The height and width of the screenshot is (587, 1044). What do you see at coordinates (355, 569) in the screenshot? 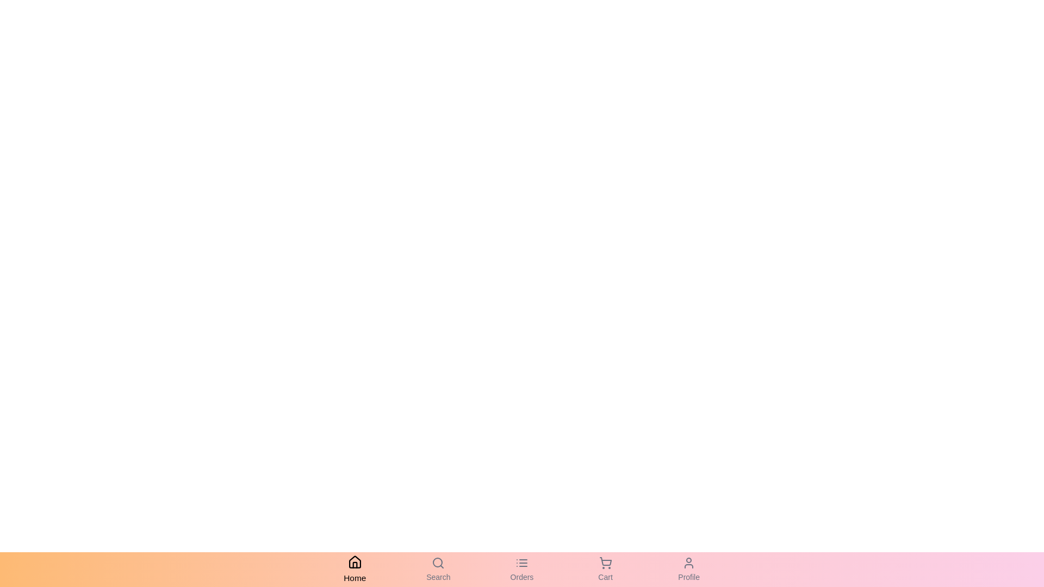
I see `the tab Home to observe its highlight` at bounding box center [355, 569].